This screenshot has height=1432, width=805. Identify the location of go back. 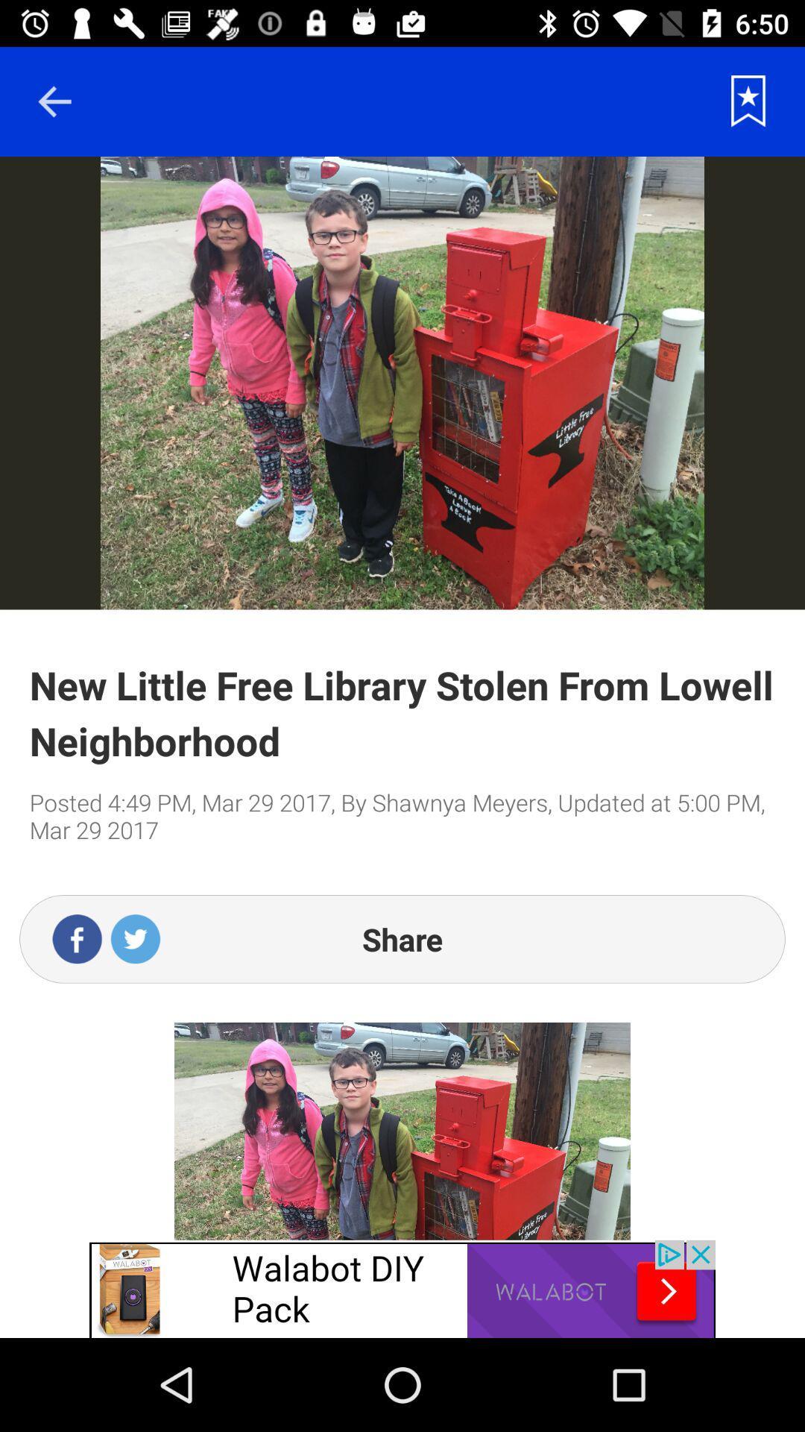
(54, 101).